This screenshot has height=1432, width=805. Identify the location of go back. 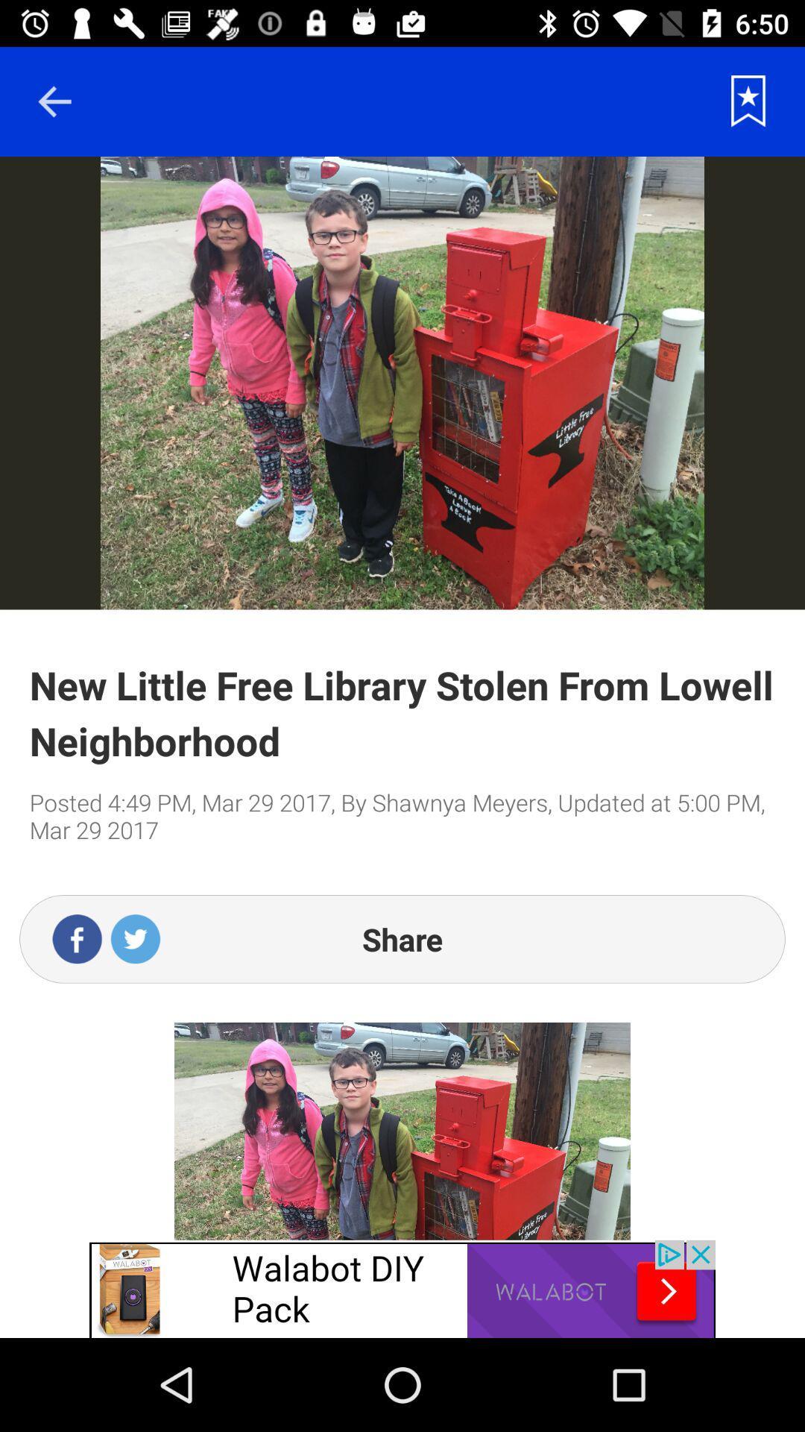
(54, 101).